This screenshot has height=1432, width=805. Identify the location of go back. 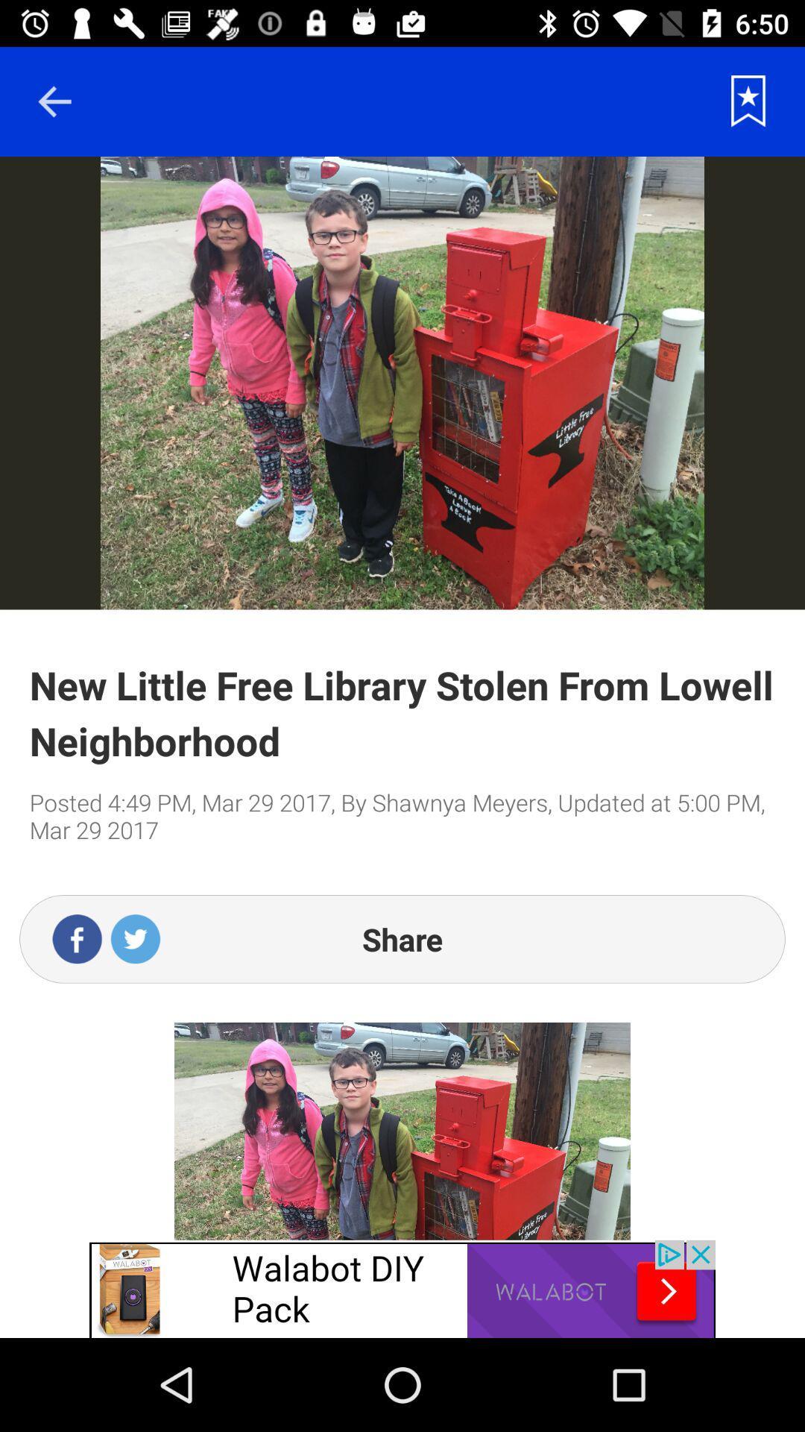
(54, 101).